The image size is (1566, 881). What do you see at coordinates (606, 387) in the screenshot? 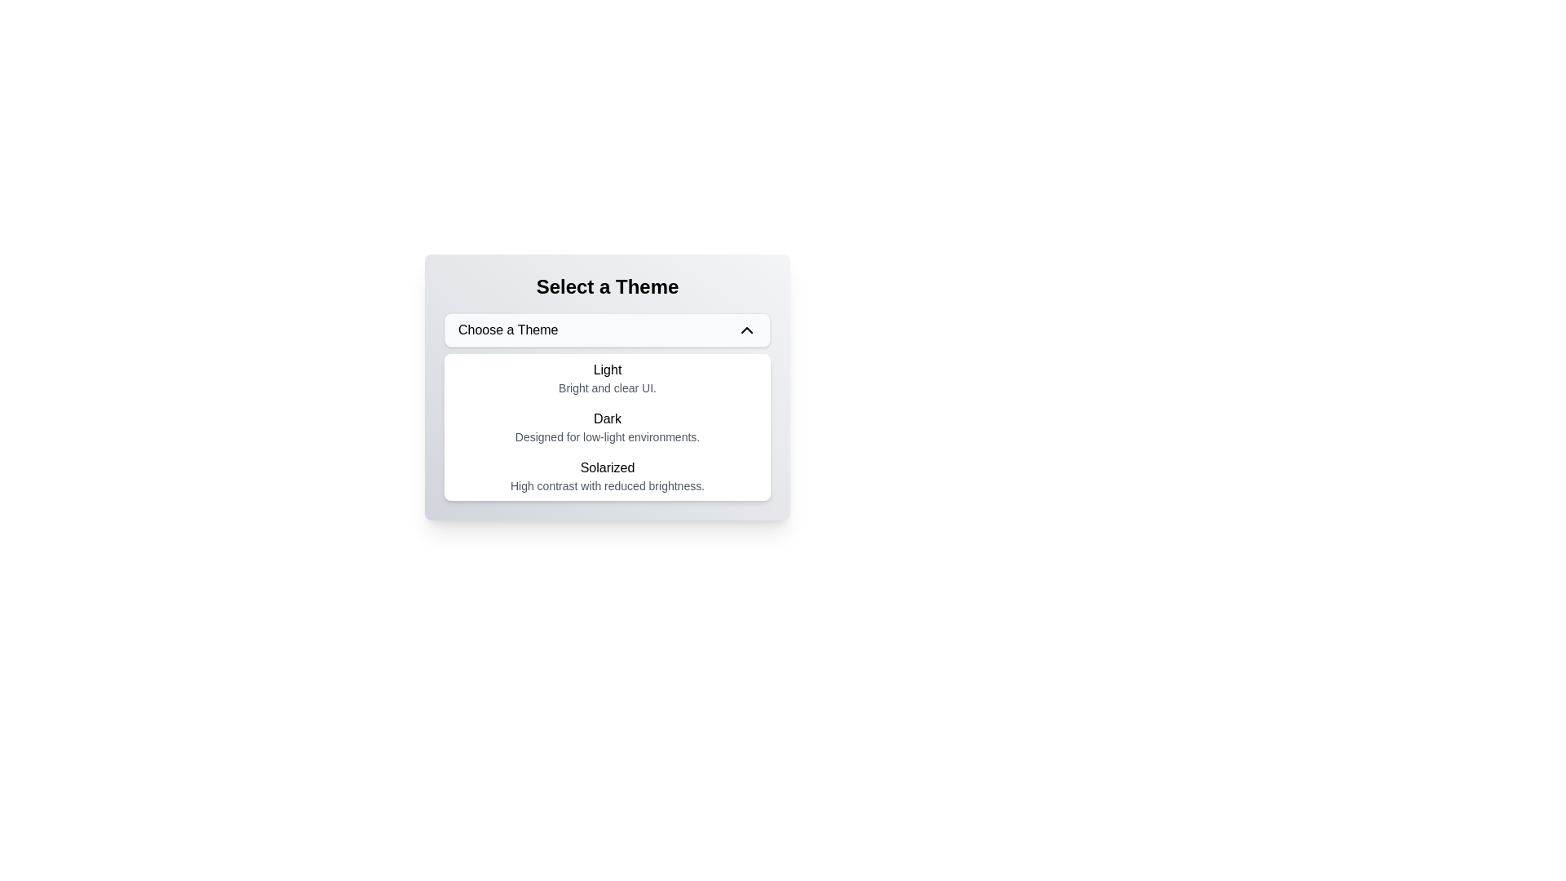
I see `the text label 'Bright and clear UI.' that is styled with a small font size and gray color, located below the label 'Light' in the theme selection interface` at bounding box center [606, 387].